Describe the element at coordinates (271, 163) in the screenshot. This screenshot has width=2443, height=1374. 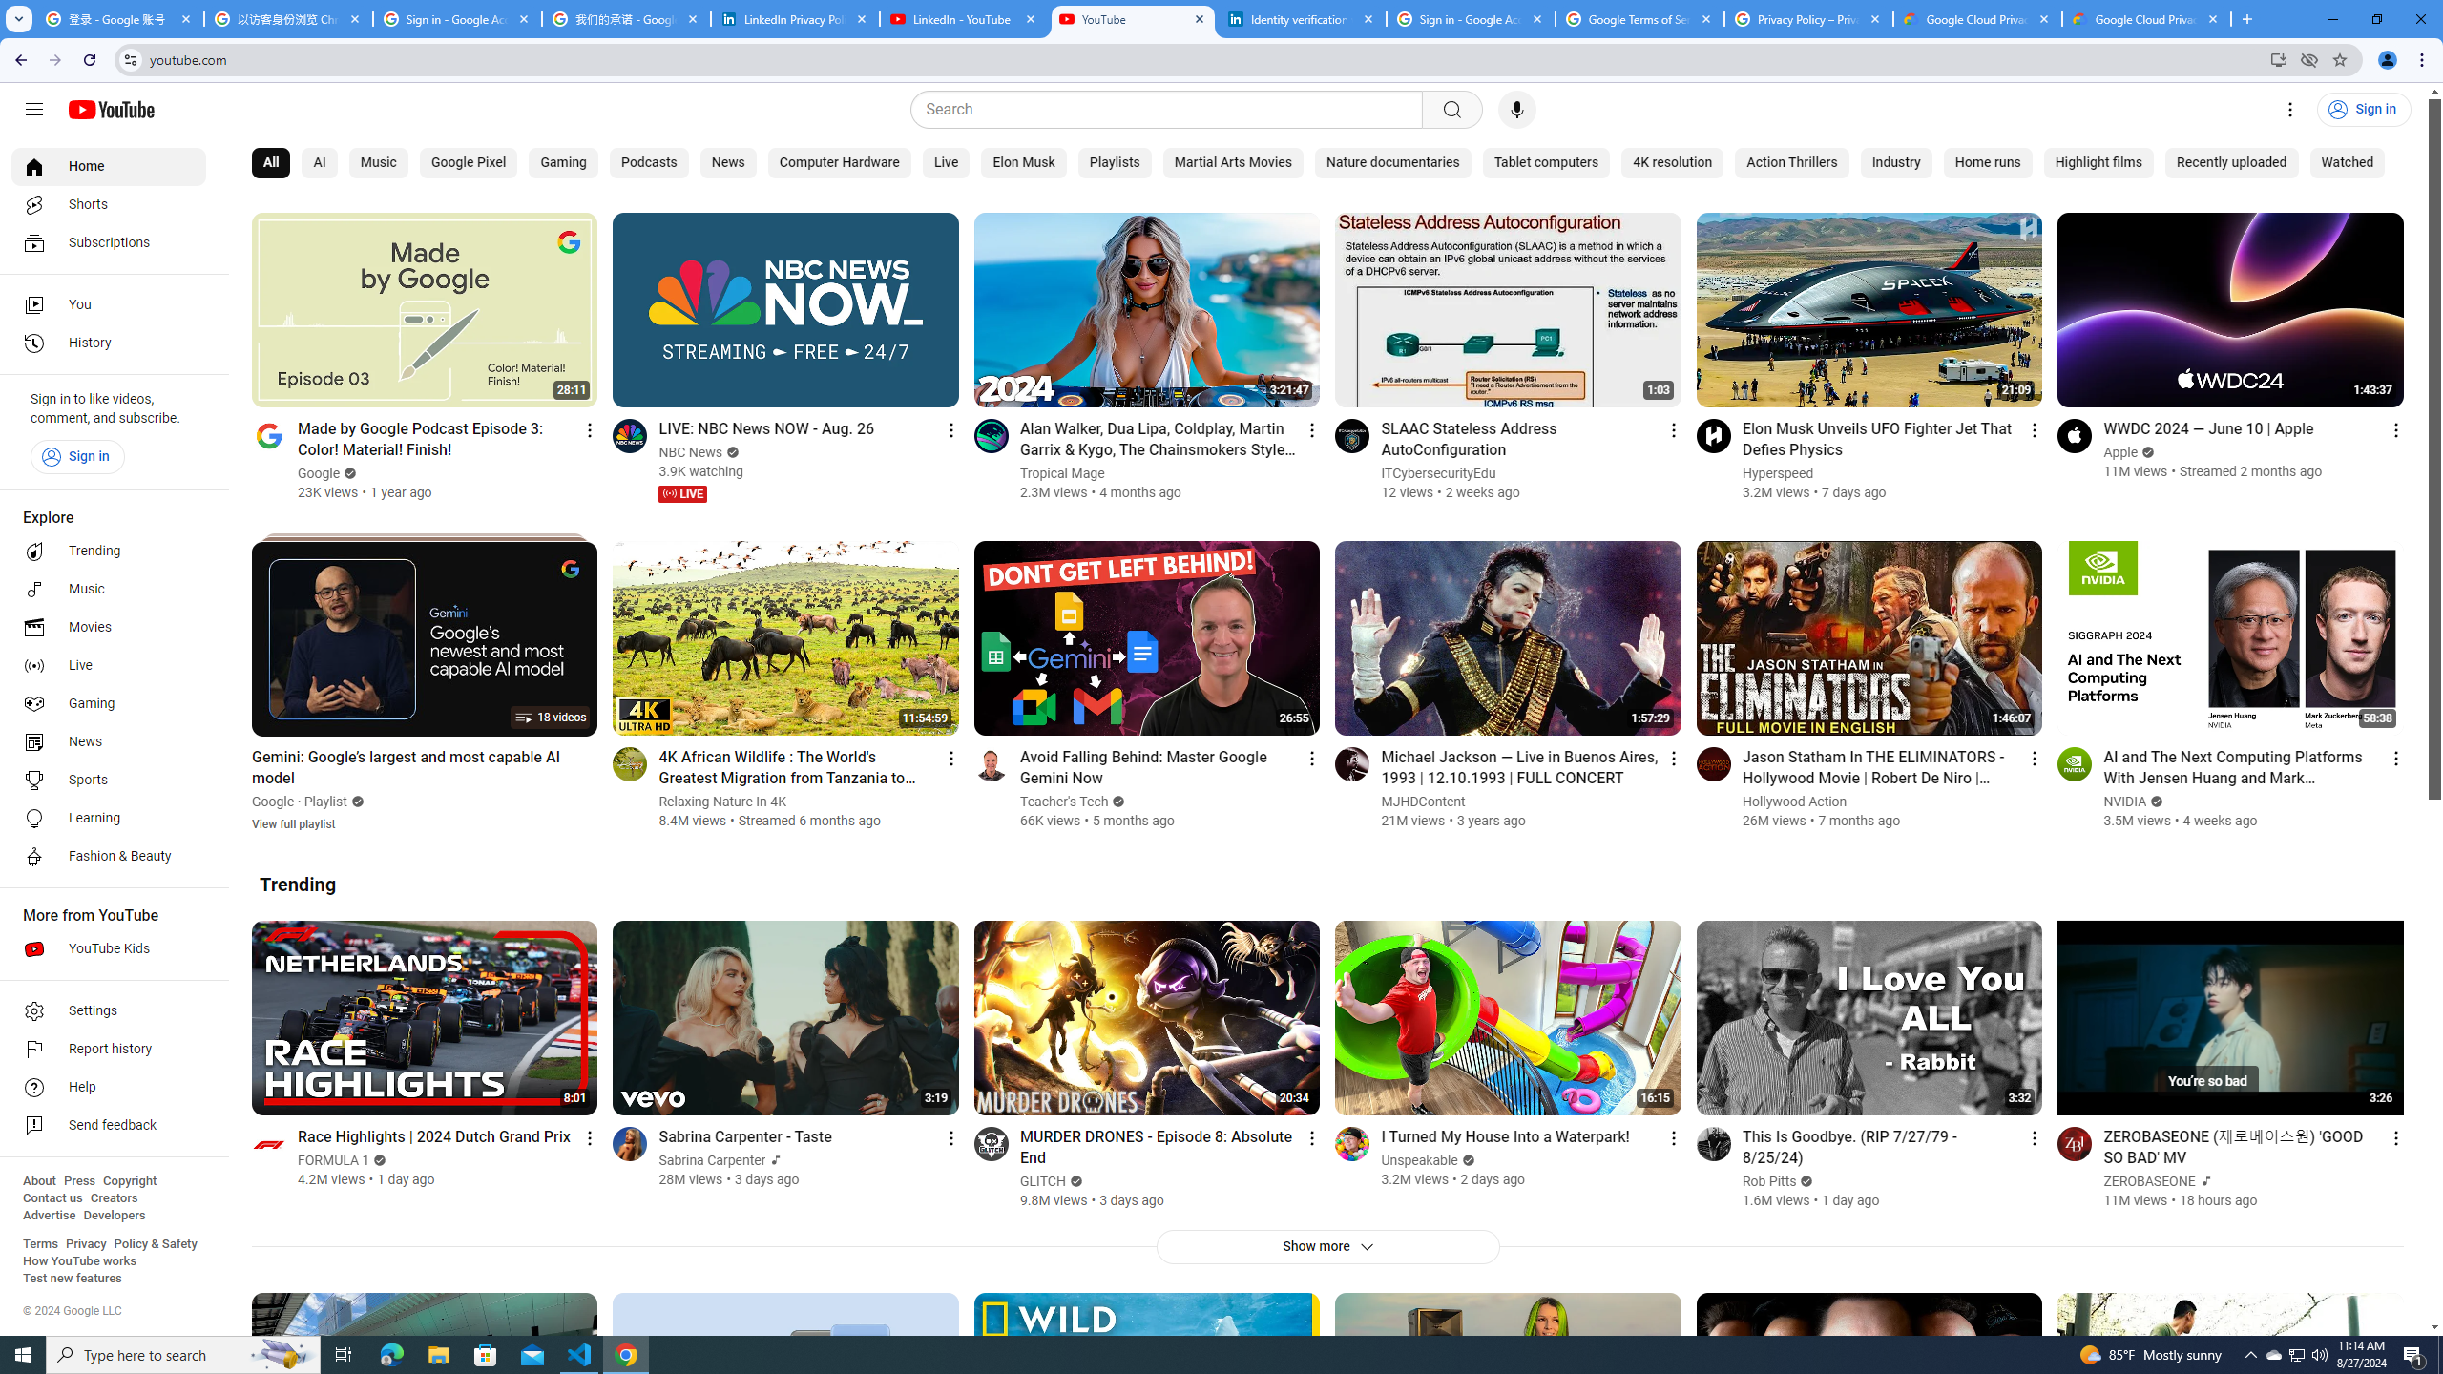
I see `'All'` at that location.